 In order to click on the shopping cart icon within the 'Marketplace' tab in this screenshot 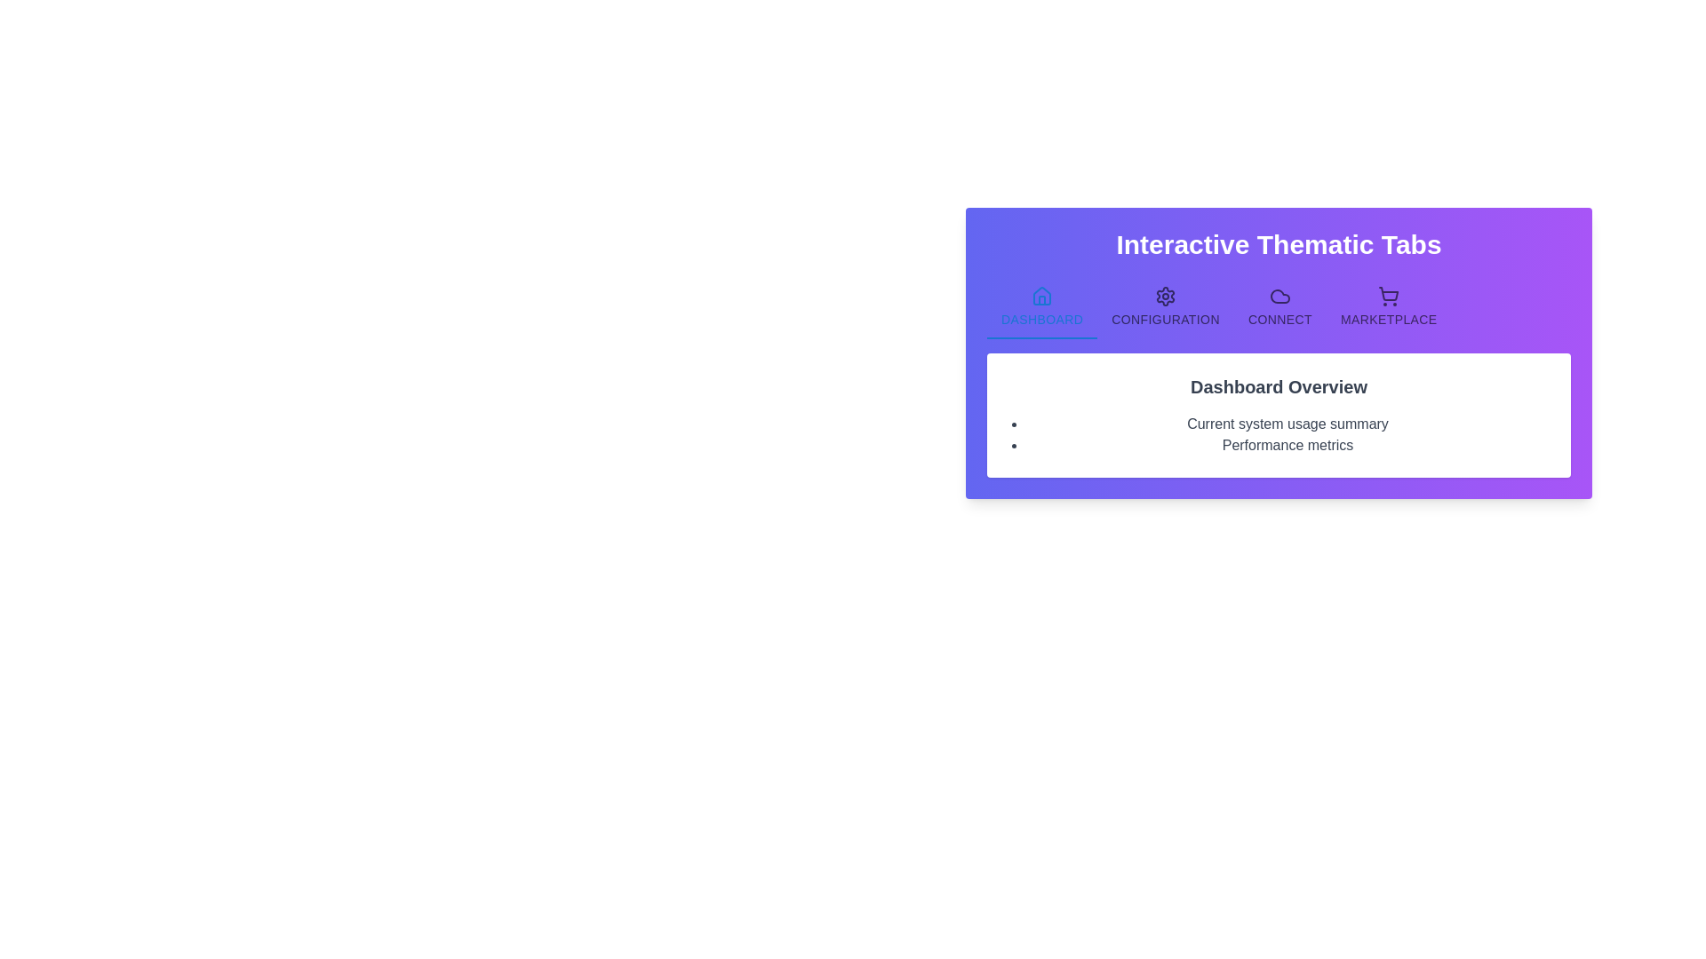, I will do `click(1388, 296)`.